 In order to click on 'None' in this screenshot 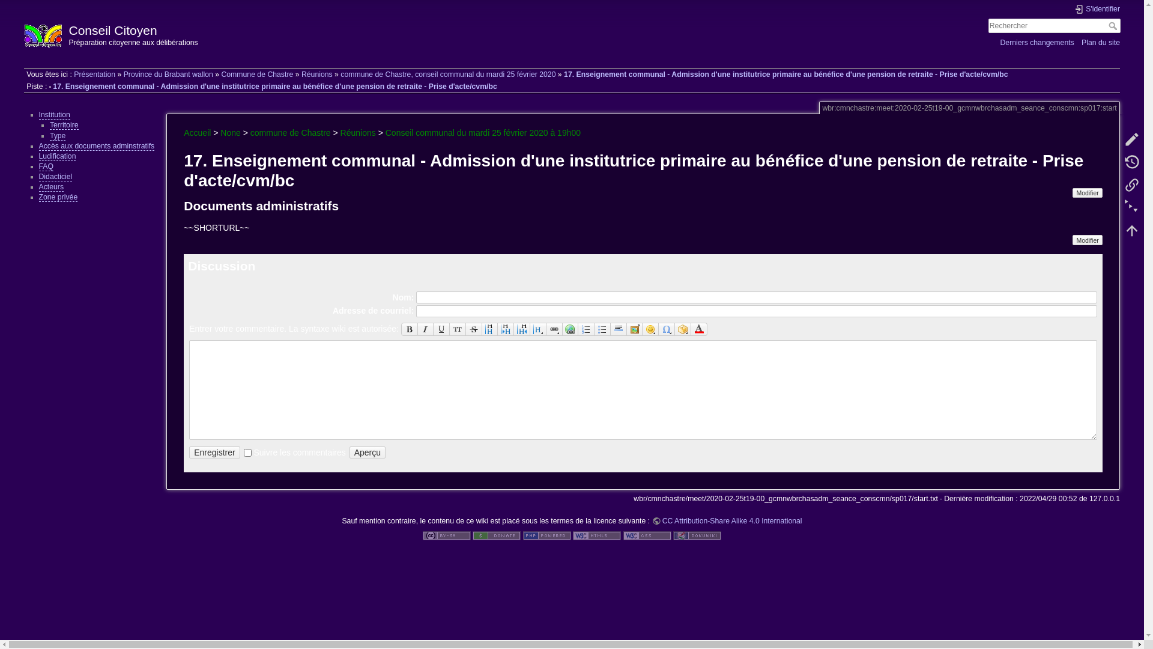, I will do `click(230, 132)`.